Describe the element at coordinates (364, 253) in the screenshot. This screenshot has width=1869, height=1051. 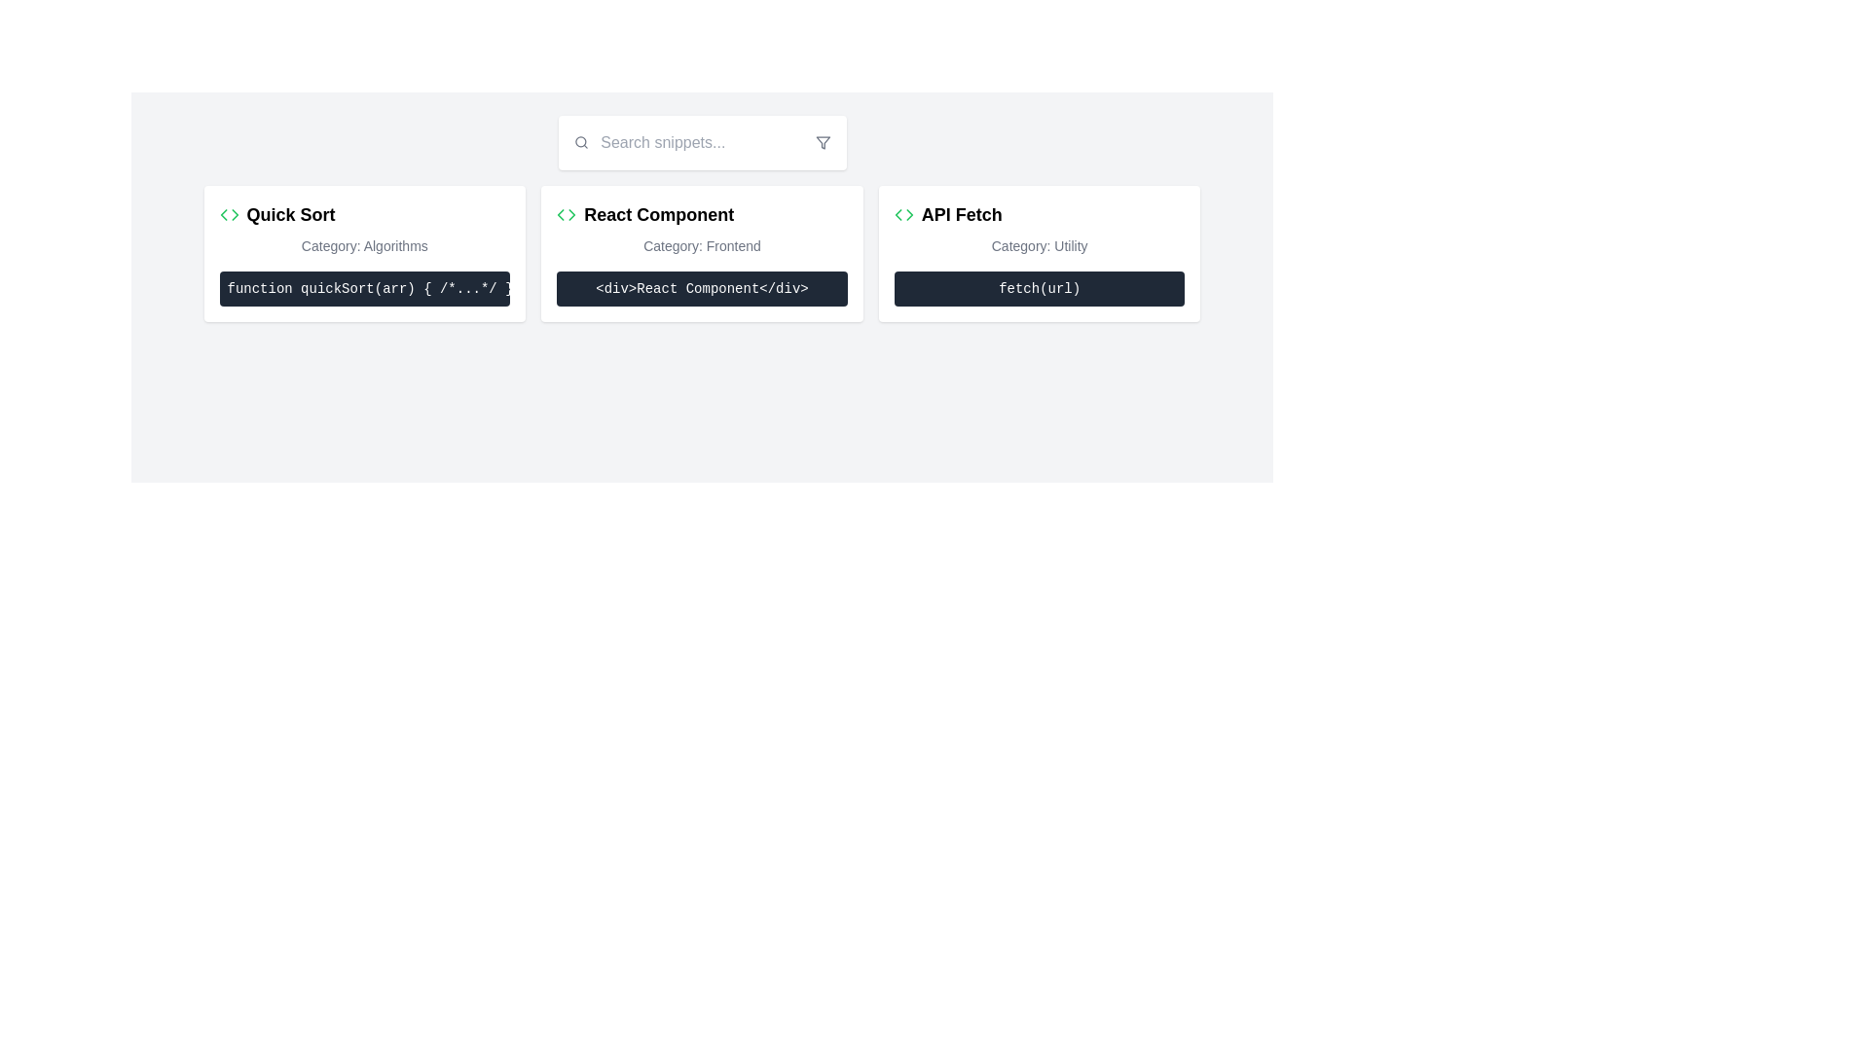
I see `the Information Card that provides details about the 'Quick Sort' algorithm, which is the first card in a grid of three cards` at that location.